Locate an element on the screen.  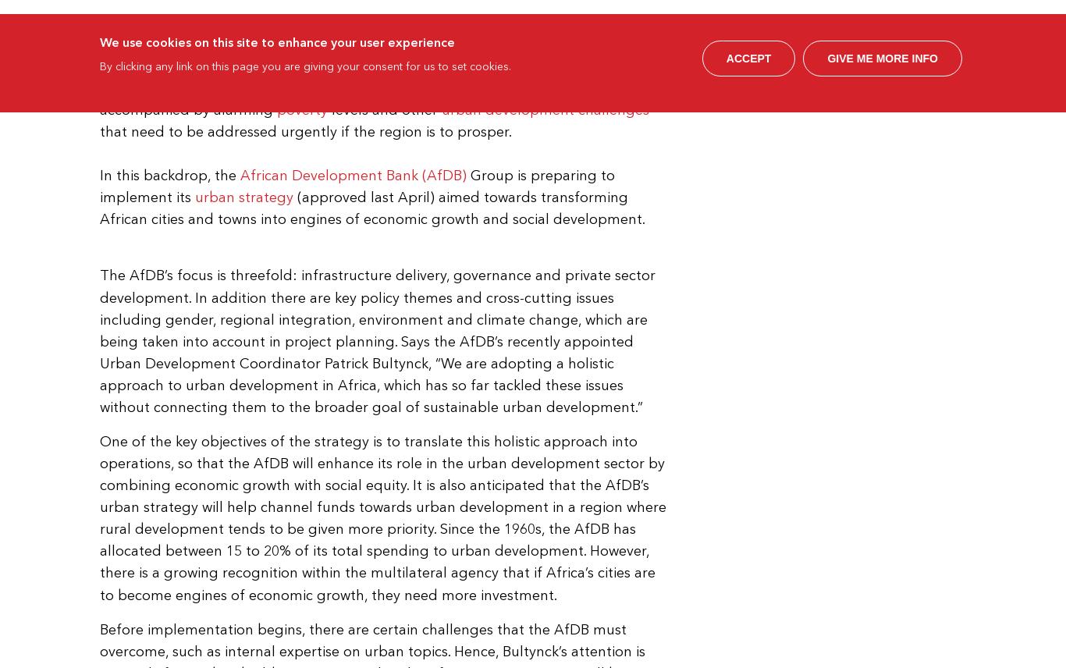
'urban strategy' is located at coordinates (243, 197).